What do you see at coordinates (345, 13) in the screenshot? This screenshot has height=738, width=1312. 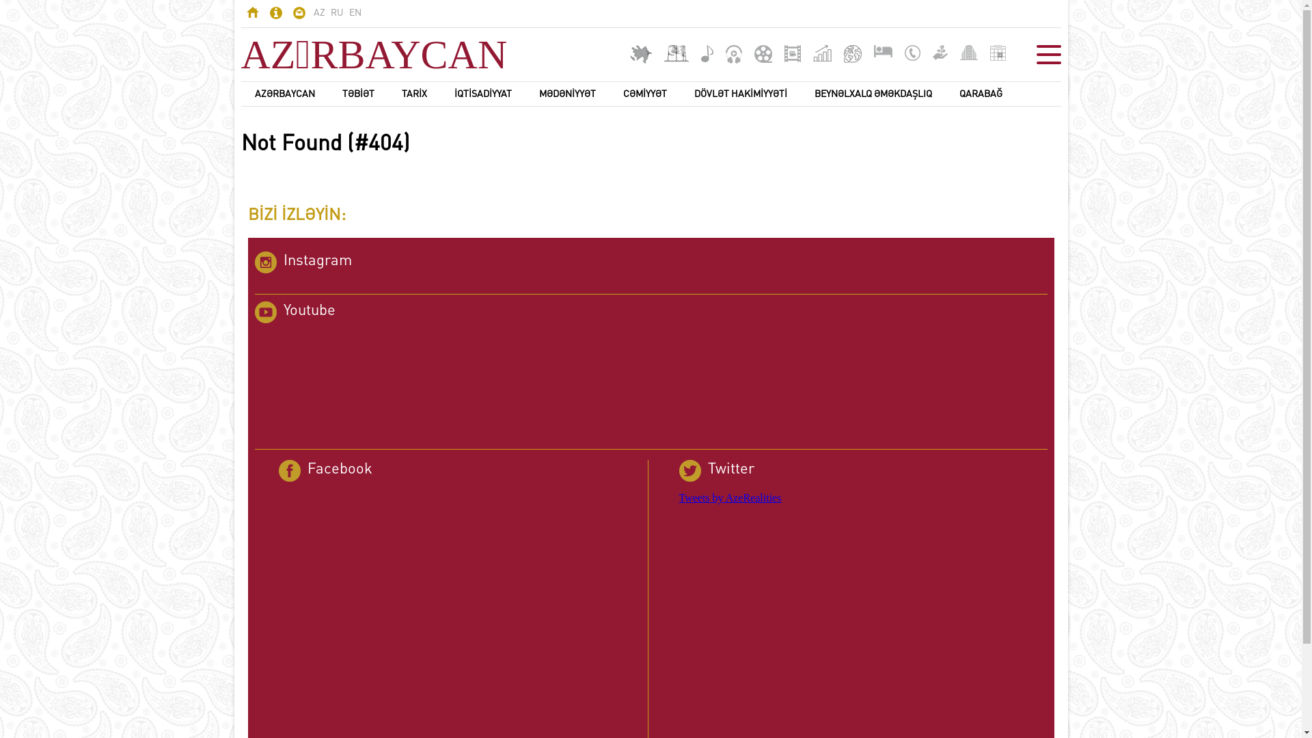 I see `'EN'` at bounding box center [345, 13].